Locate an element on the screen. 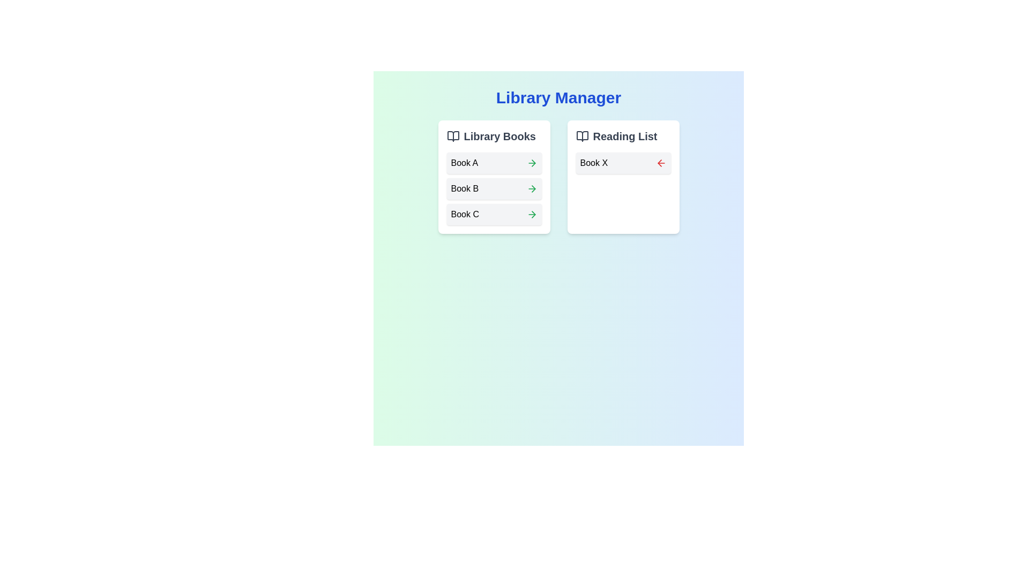 This screenshot has width=1029, height=578. the right-facing arrow icon located next to 'Book C' in the 'Library Books' section is located at coordinates (533, 215).